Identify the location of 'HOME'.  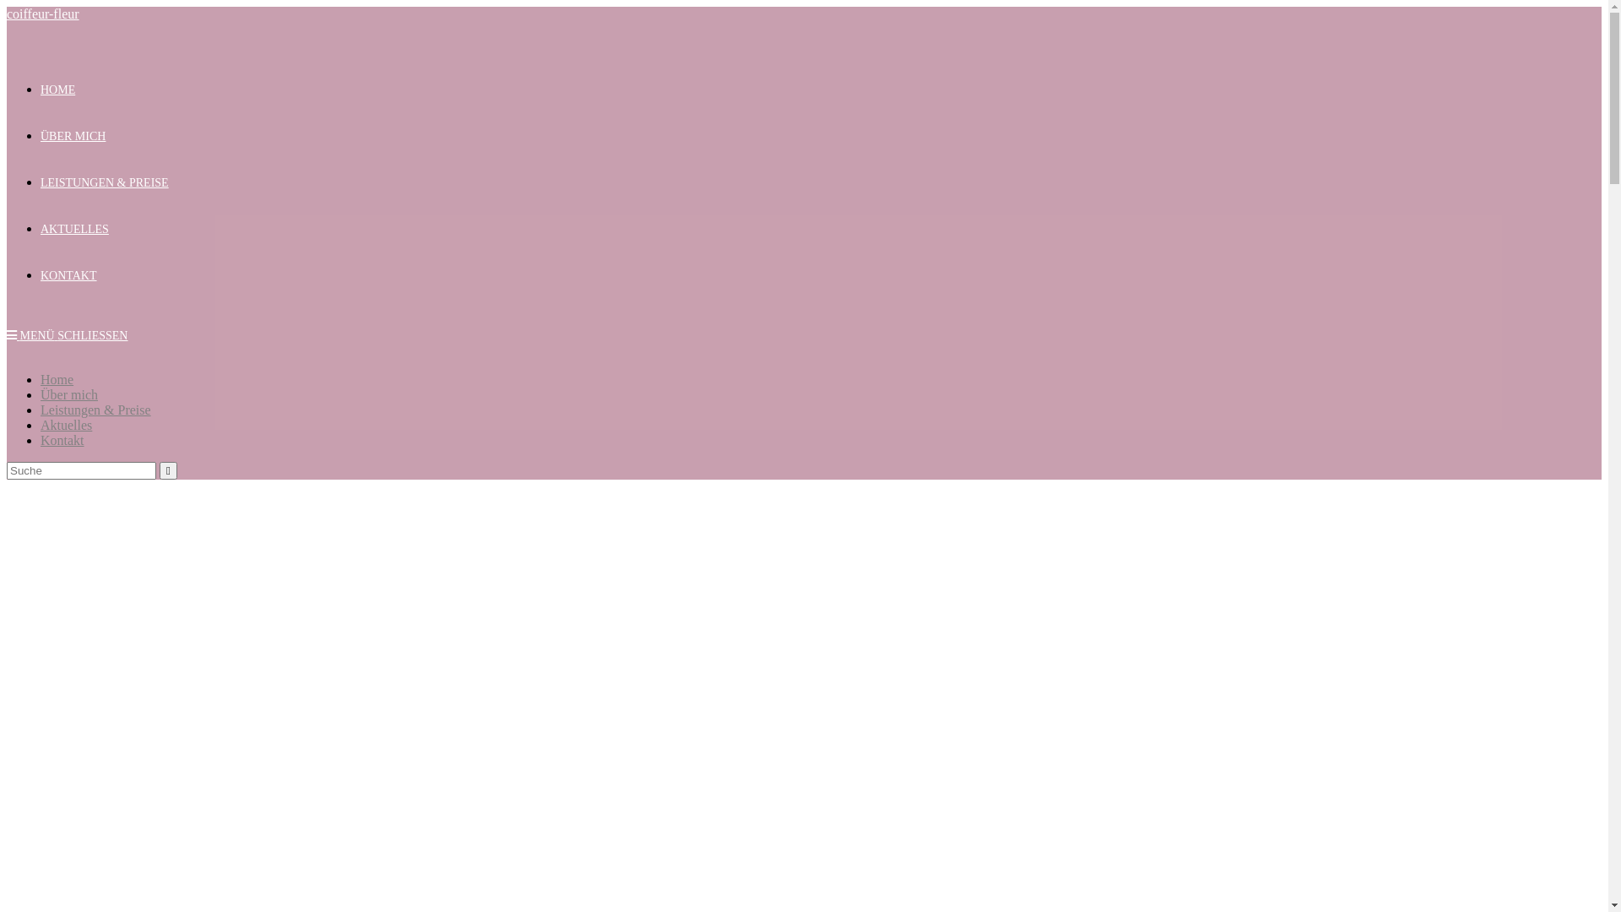
(57, 90).